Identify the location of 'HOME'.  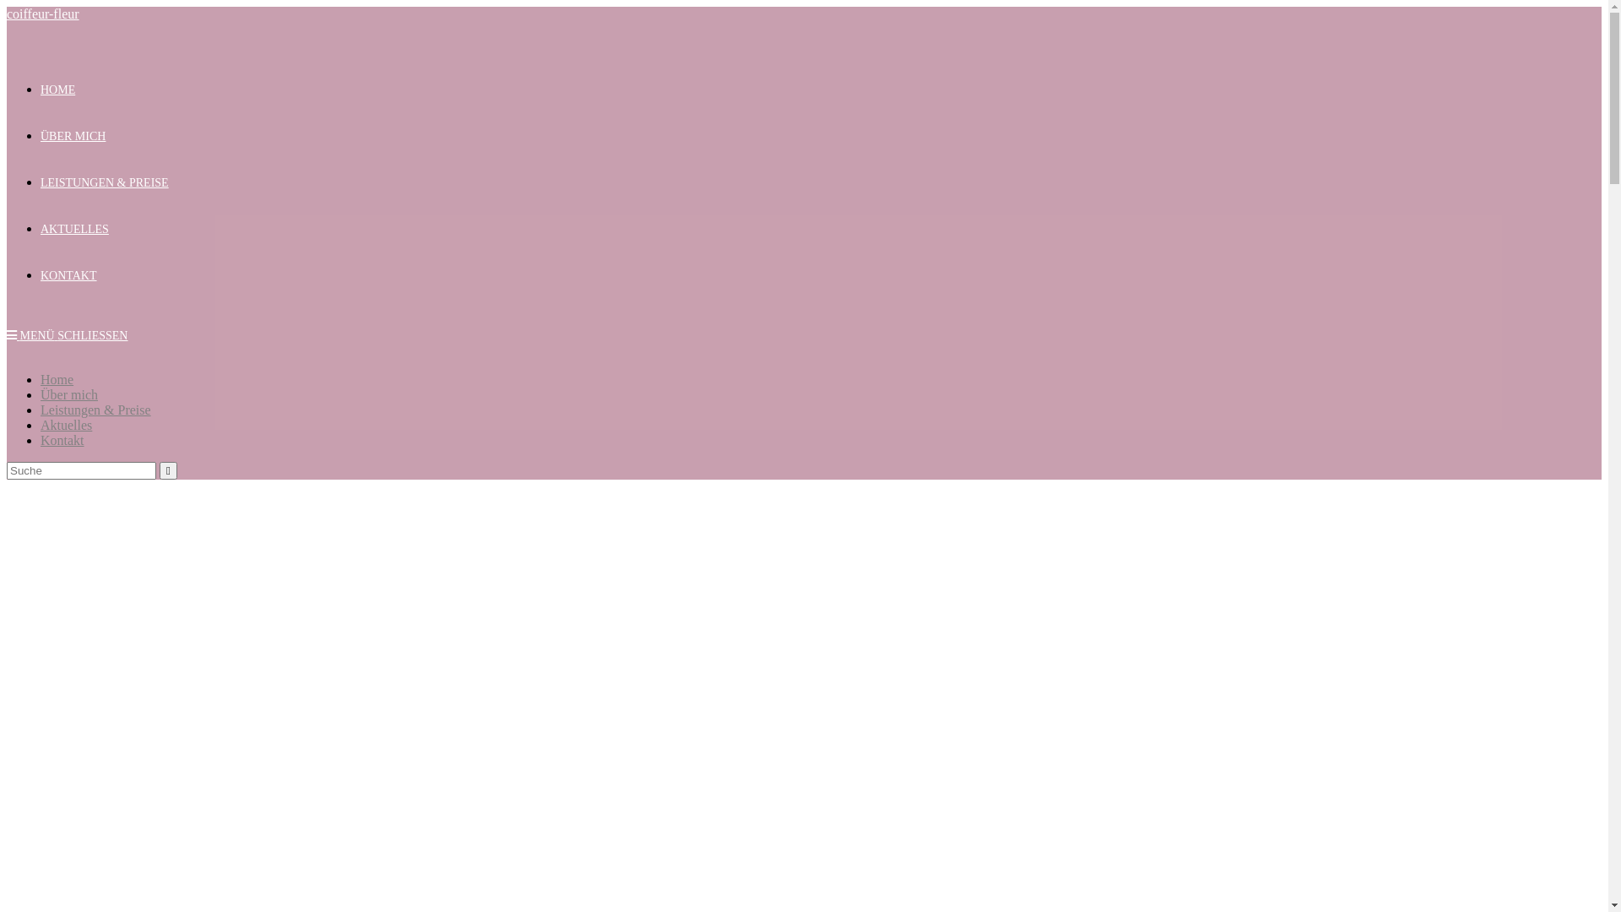
(57, 90).